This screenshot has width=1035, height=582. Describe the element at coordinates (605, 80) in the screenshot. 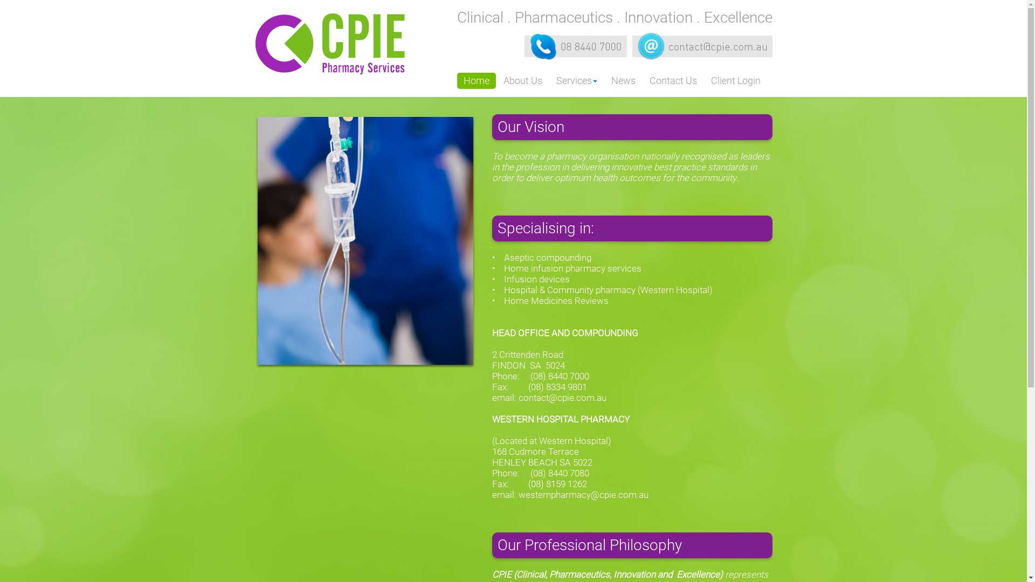

I see `'News'` at that location.